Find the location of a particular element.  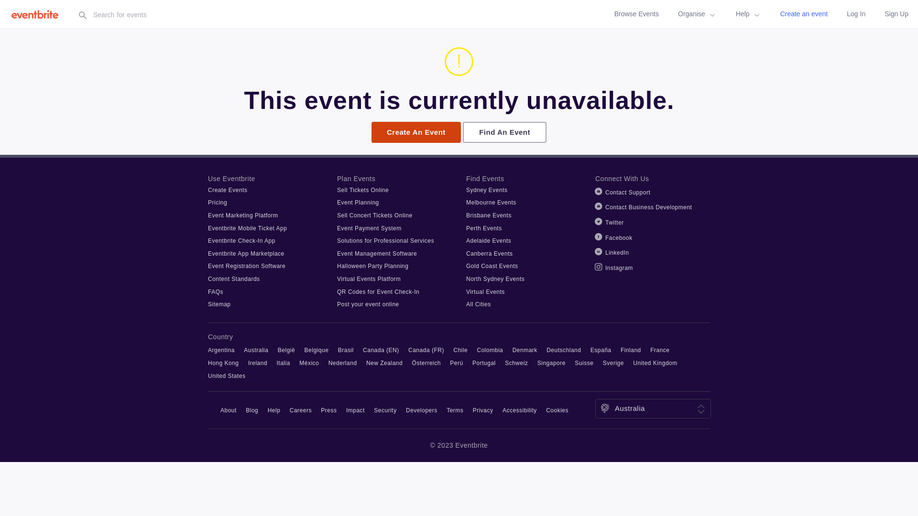

'Nederland' is located at coordinates (328, 363).